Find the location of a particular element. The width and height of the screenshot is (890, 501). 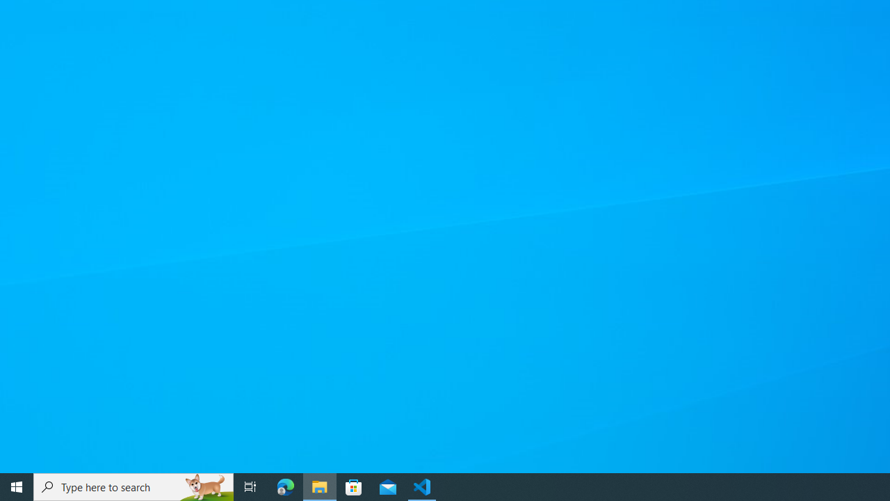

'File Explorer - 1 running window' is located at coordinates (319, 486).